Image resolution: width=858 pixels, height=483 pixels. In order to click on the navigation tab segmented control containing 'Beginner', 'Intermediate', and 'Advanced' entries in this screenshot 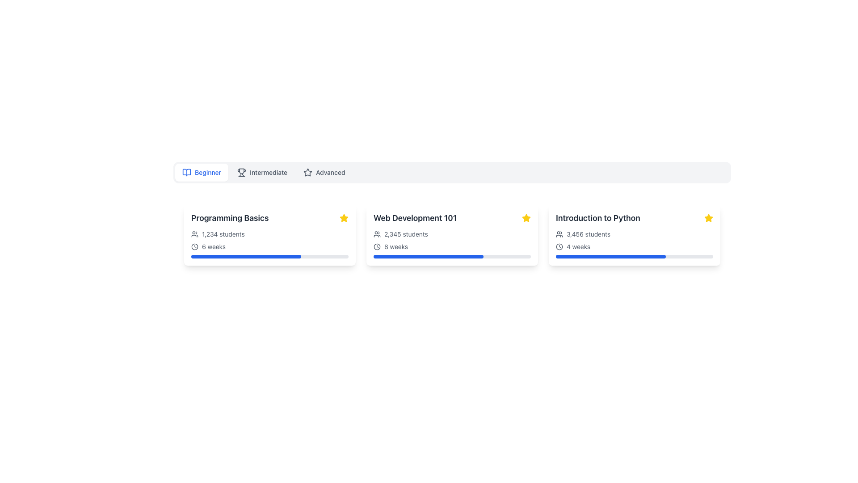, I will do `click(452, 172)`.